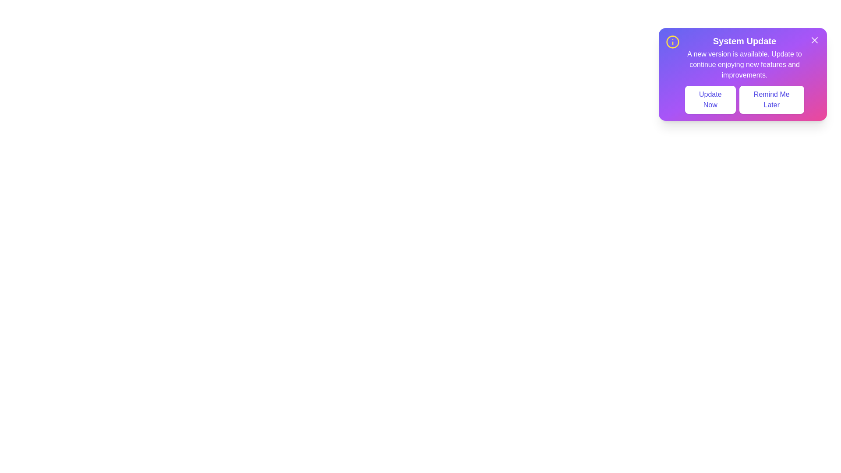 This screenshot has width=841, height=473. Describe the element at coordinates (814, 40) in the screenshot. I see `close button on the notification to close it` at that location.